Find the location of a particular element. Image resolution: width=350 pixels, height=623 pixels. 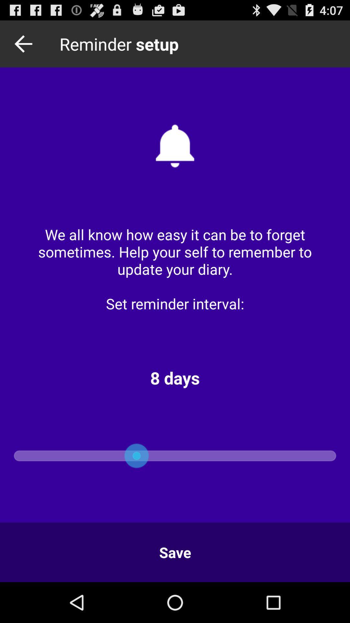

the arrow_backward icon is located at coordinates (25, 46).